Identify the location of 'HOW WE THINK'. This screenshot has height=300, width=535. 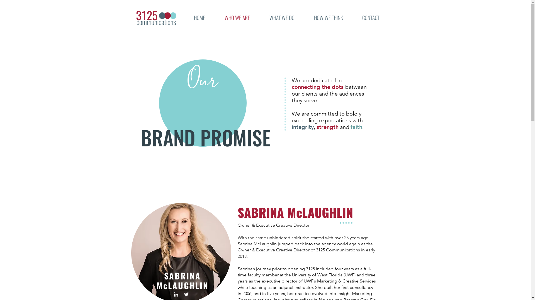
(329, 17).